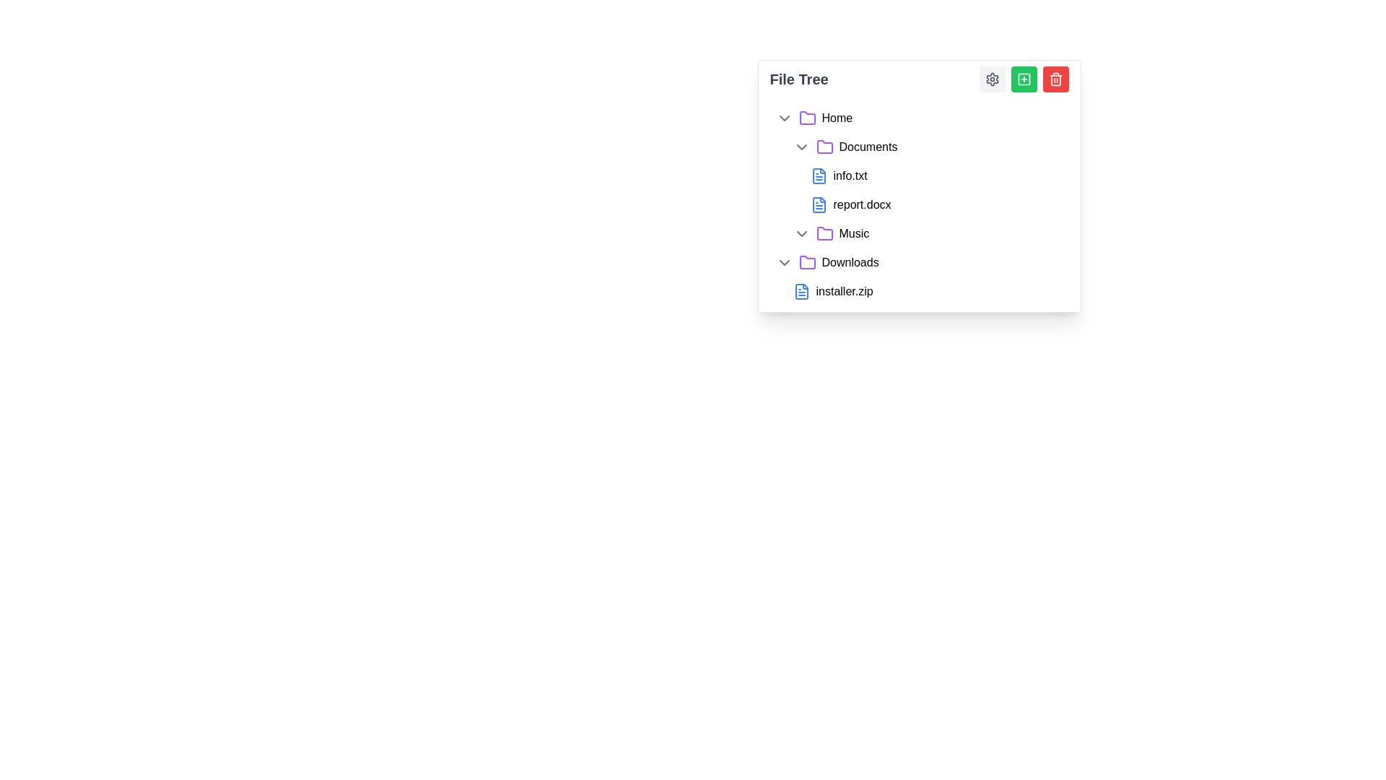 The height and width of the screenshot is (780, 1386). What do you see at coordinates (1023, 79) in the screenshot?
I see `the green button with rounded corners and a white plus icon, which is the second button in a horizontal row of three buttons` at bounding box center [1023, 79].